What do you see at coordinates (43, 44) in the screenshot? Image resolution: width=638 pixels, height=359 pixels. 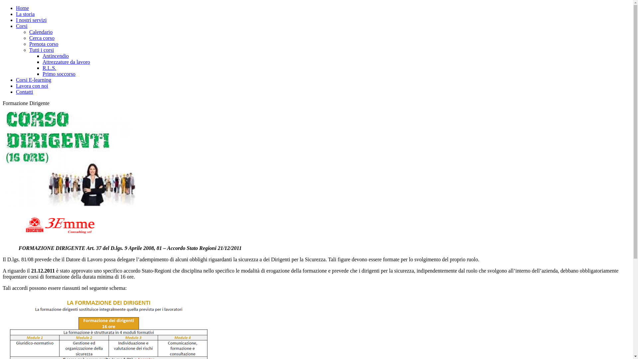 I see `'Prenota corso'` at bounding box center [43, 44].